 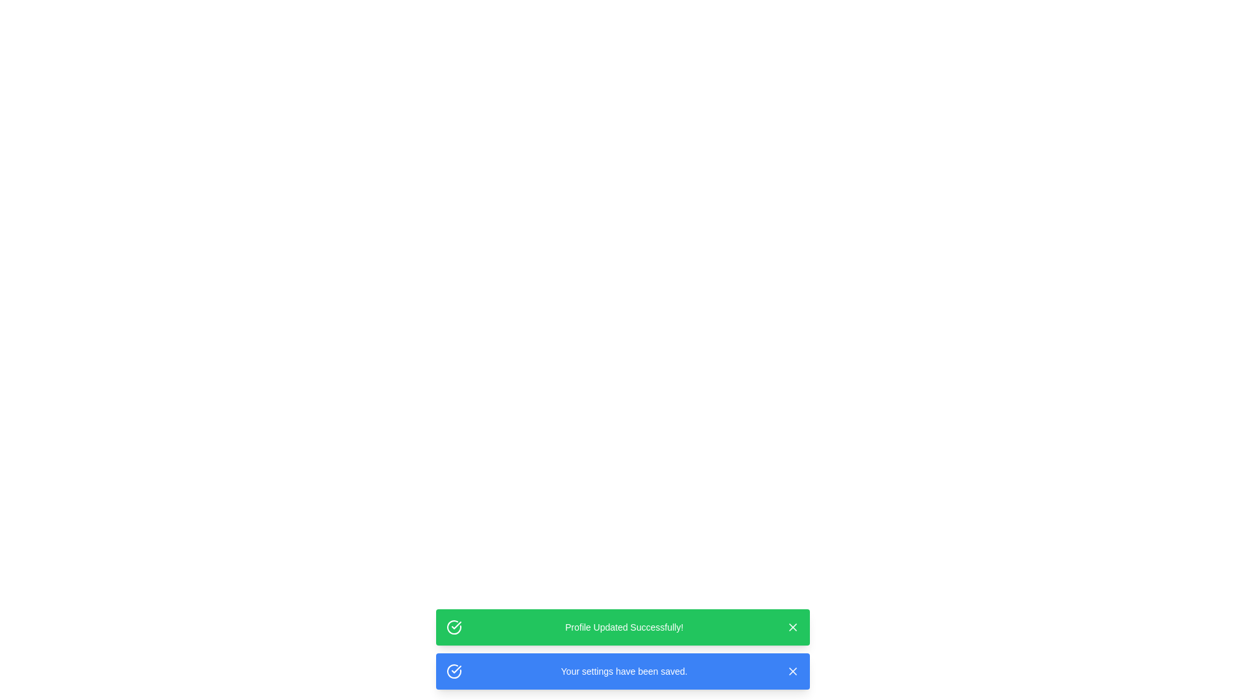 What do you see at coordinates (792, 671) in the screenshot?
I see `the circular button with an 'X' symbol on a blue background to activate keyboard accessibility for closure` at bounding box center [792, 671].